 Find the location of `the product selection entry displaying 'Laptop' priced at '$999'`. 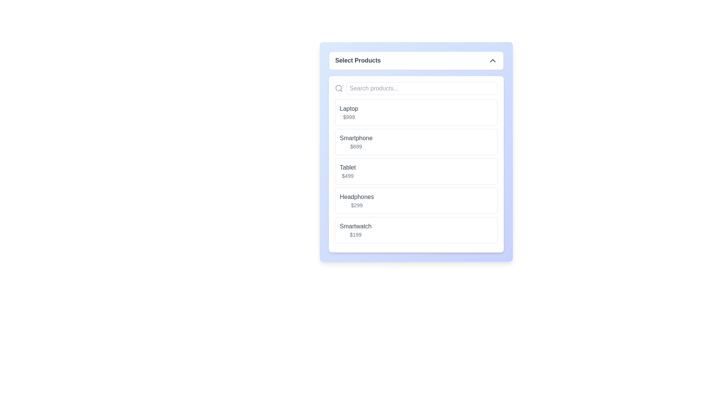

the product selection entry displaying 'Laptop' priced at '$999' is located at coordinates (416, 113).